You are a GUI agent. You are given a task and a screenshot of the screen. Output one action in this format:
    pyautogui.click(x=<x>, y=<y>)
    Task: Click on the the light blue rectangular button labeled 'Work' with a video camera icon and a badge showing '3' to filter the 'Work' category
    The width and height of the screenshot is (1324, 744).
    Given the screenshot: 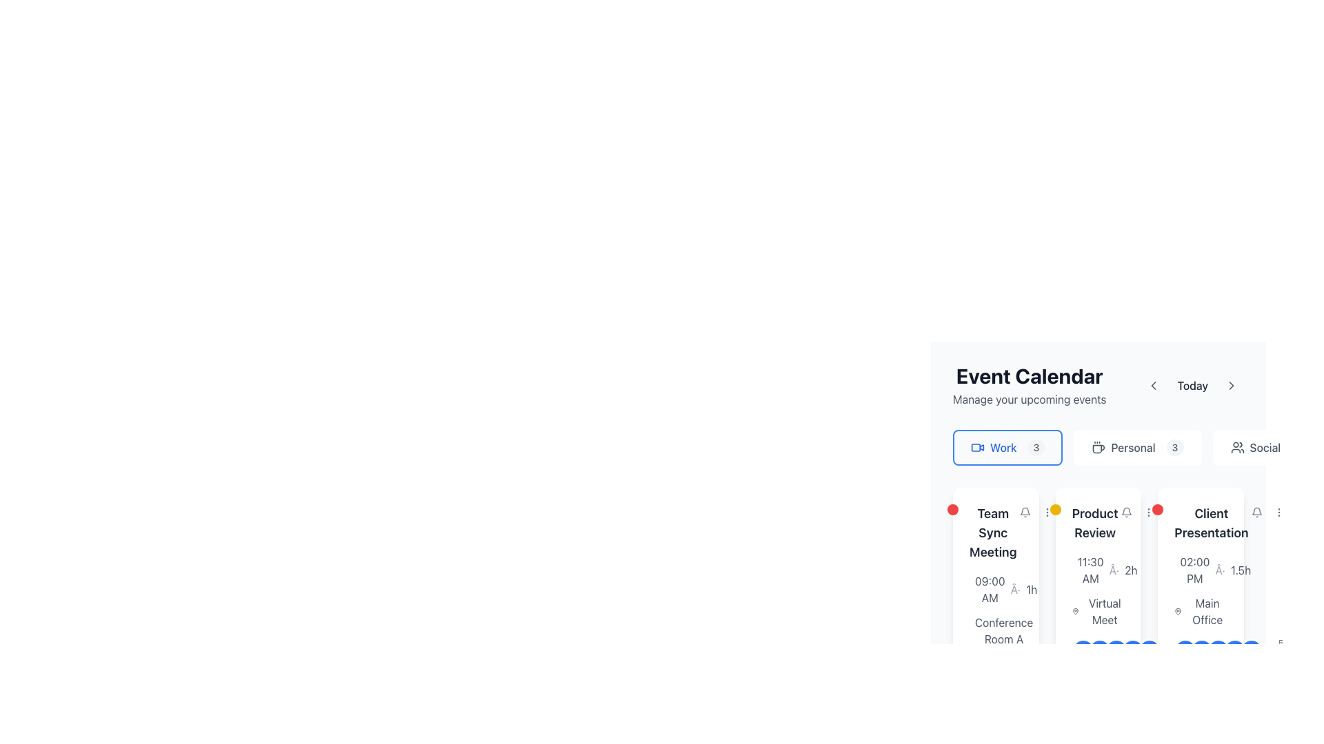 What is the action you would take?
    pyautogui.click(x=1007, y=448)
    